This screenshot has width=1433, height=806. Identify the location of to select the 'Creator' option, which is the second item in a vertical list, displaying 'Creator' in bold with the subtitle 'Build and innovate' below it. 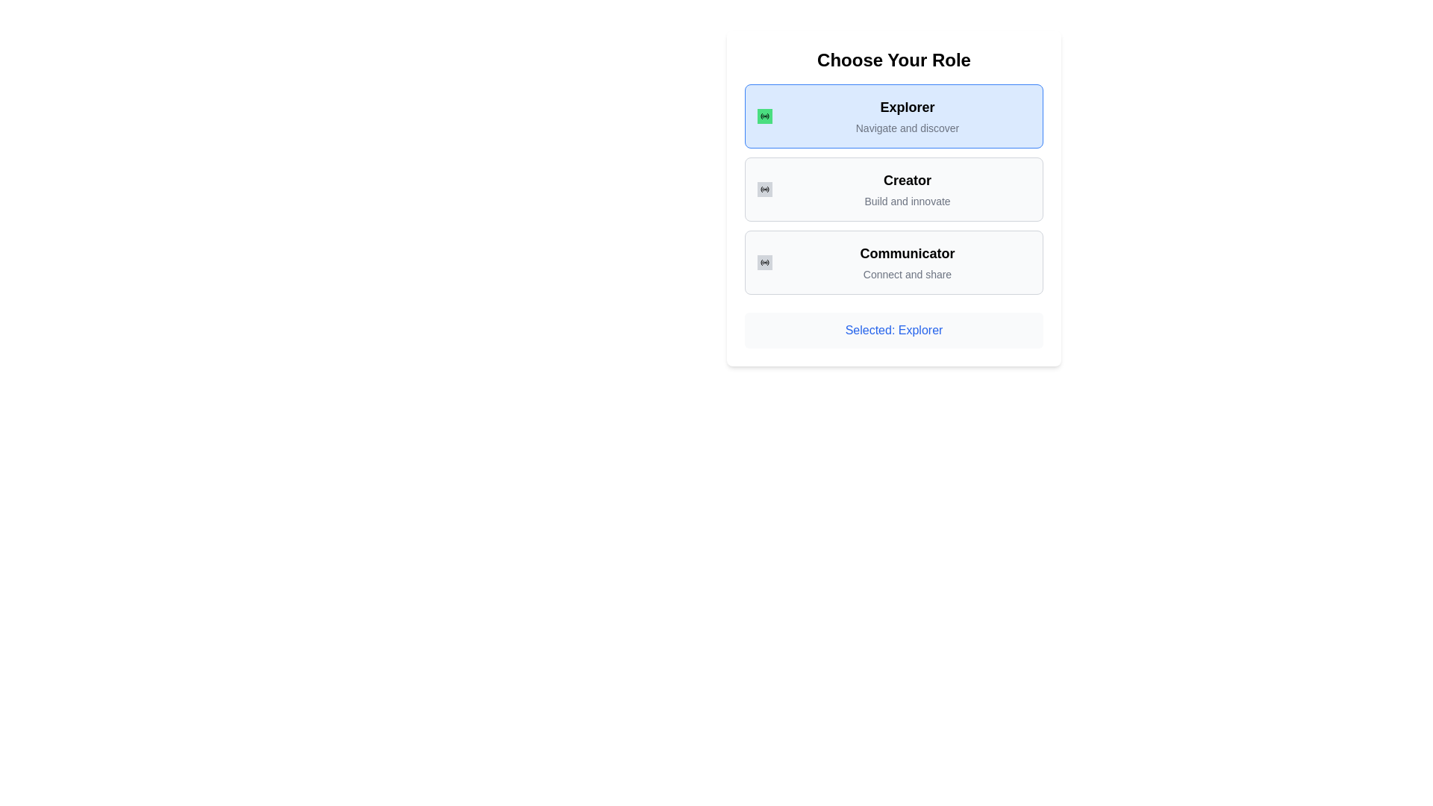
(906, 189).